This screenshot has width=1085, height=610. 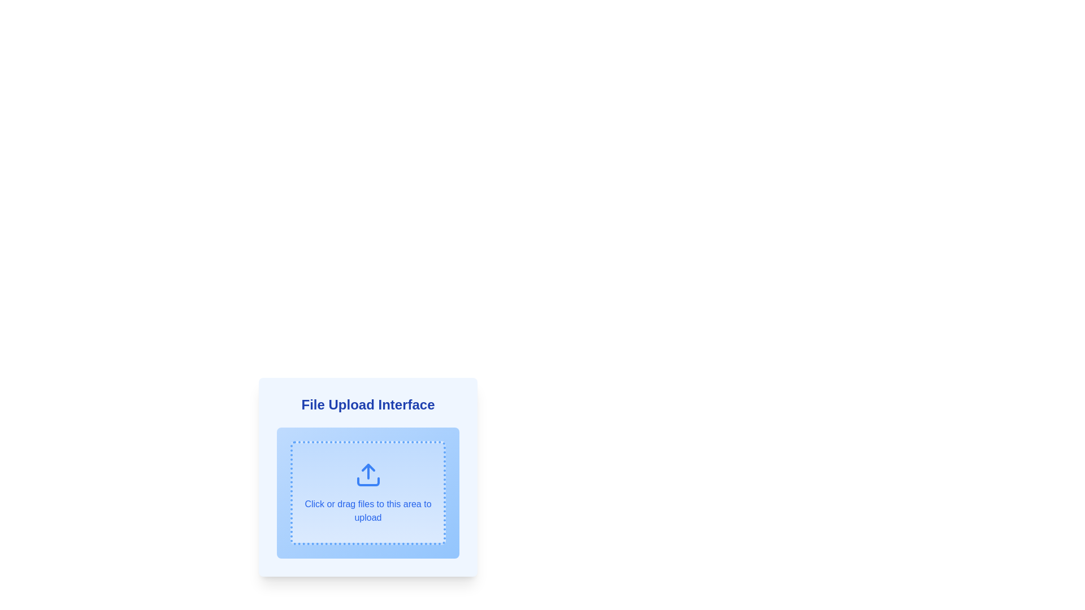 What do you see at coordinates (368, 492) in the screenshot?
I see `a file into the Interactive file upload area located centrally below the 'File Upload Interface' header` at bounding box center [368, 492].